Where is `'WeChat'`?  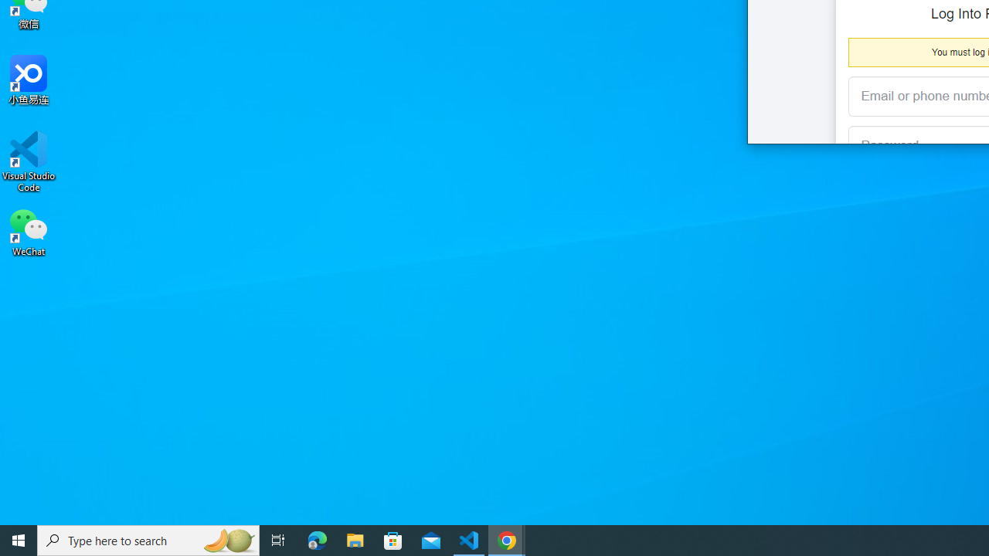
'WeChat' is located at coordinates (29, 231).